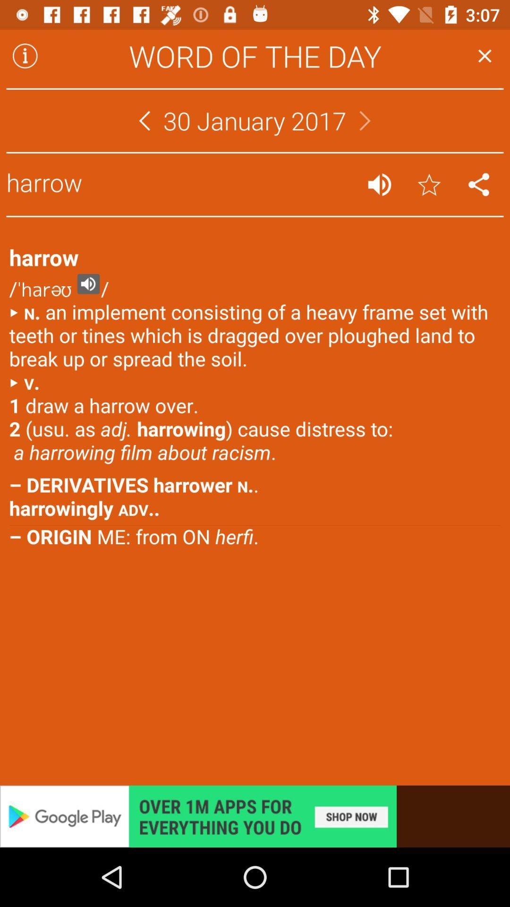 This screenshot has width=510, height=907. I want to click on as favorite, so click(429, 184).